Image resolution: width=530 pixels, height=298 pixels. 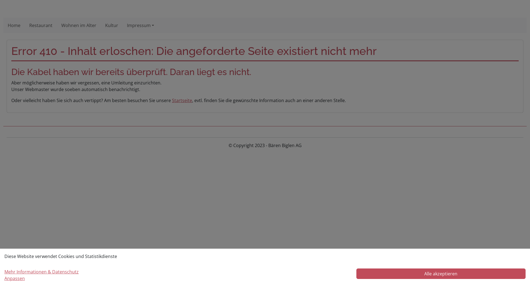 I want to click on 'Startseite', so click(x=182, y=100).